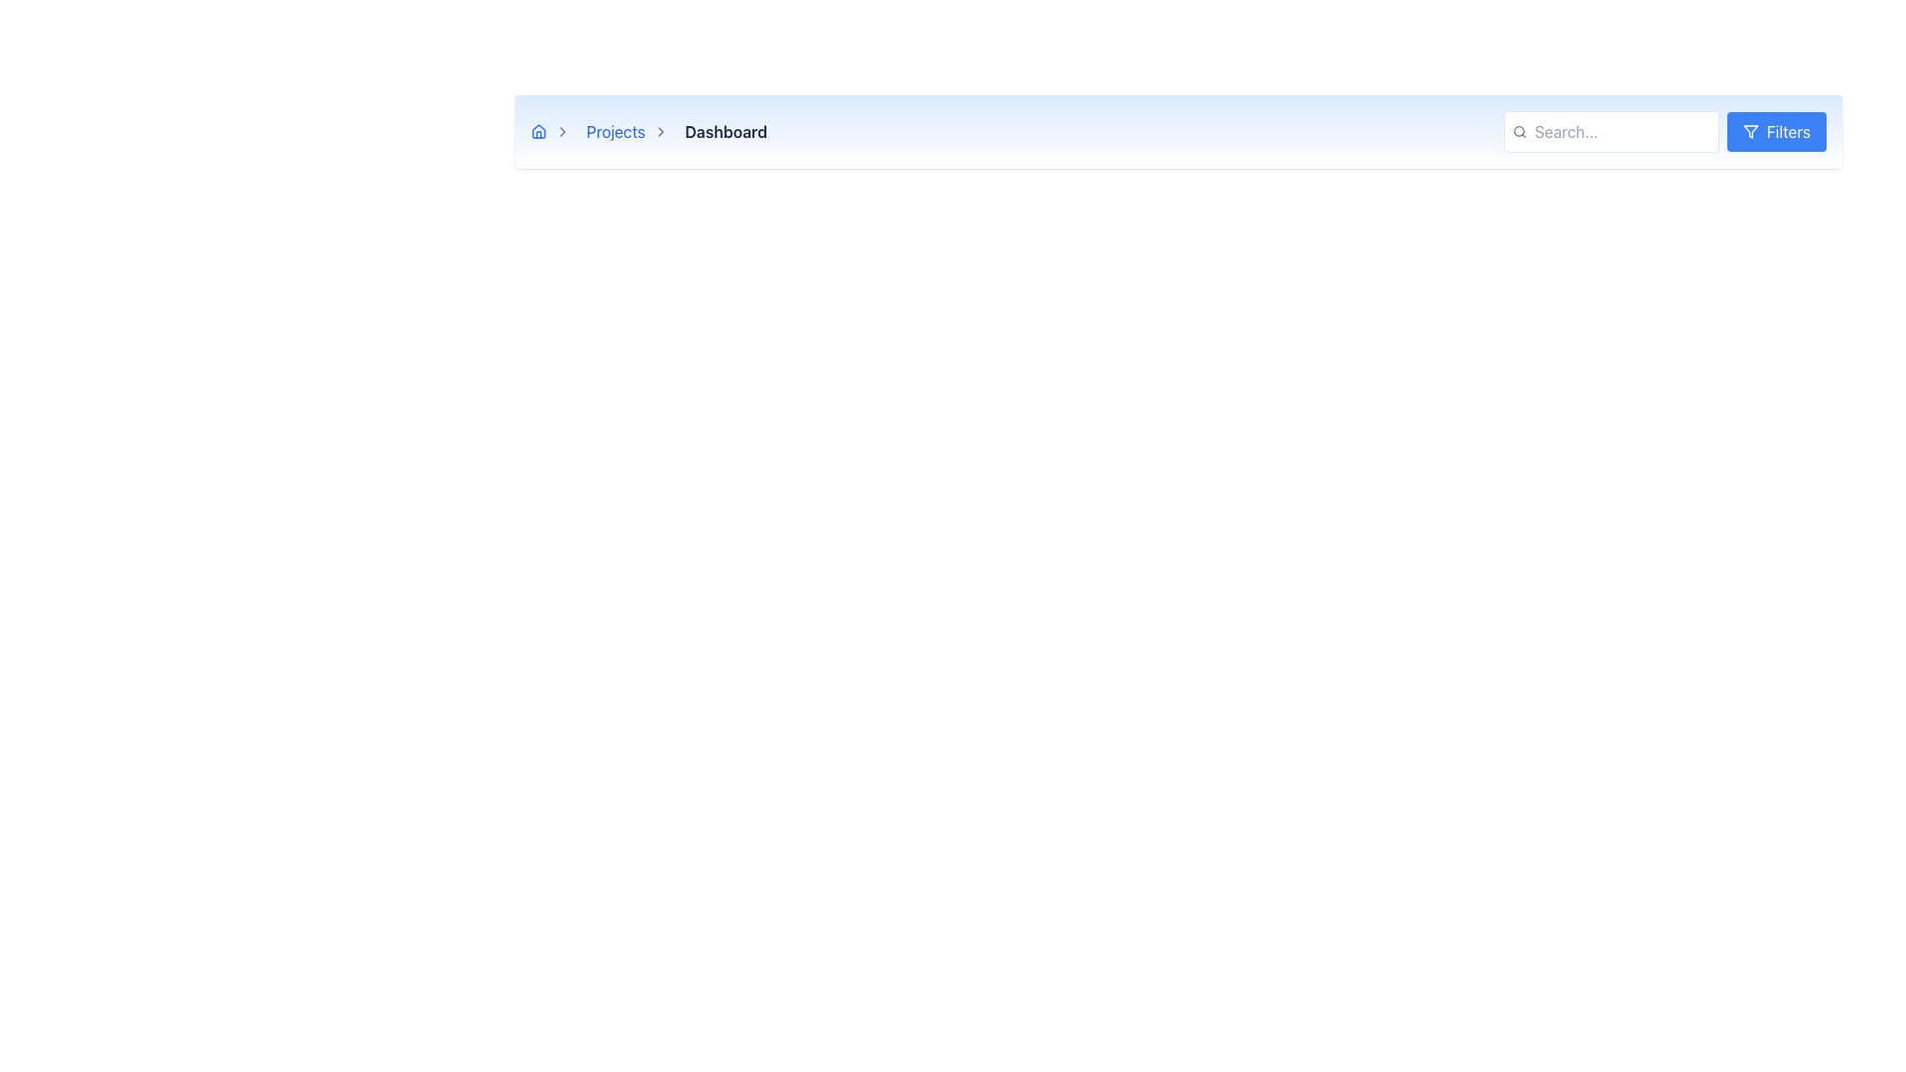 This screenshot has height=1072, width=1906. What do you see at coordinates (630, 131) in the screenshot?
I see `the second breadcrumb link in the navigation component` at bounding box center [630, 131].